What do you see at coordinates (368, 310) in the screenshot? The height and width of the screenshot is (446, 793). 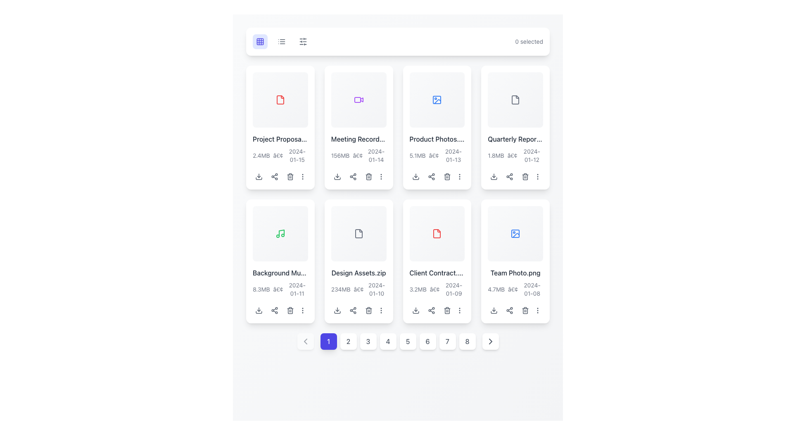 I see `the delete button positioned to the far right within the group of action buttons below the 'Design Assets.zip' card` at bounding box center [368, 310].